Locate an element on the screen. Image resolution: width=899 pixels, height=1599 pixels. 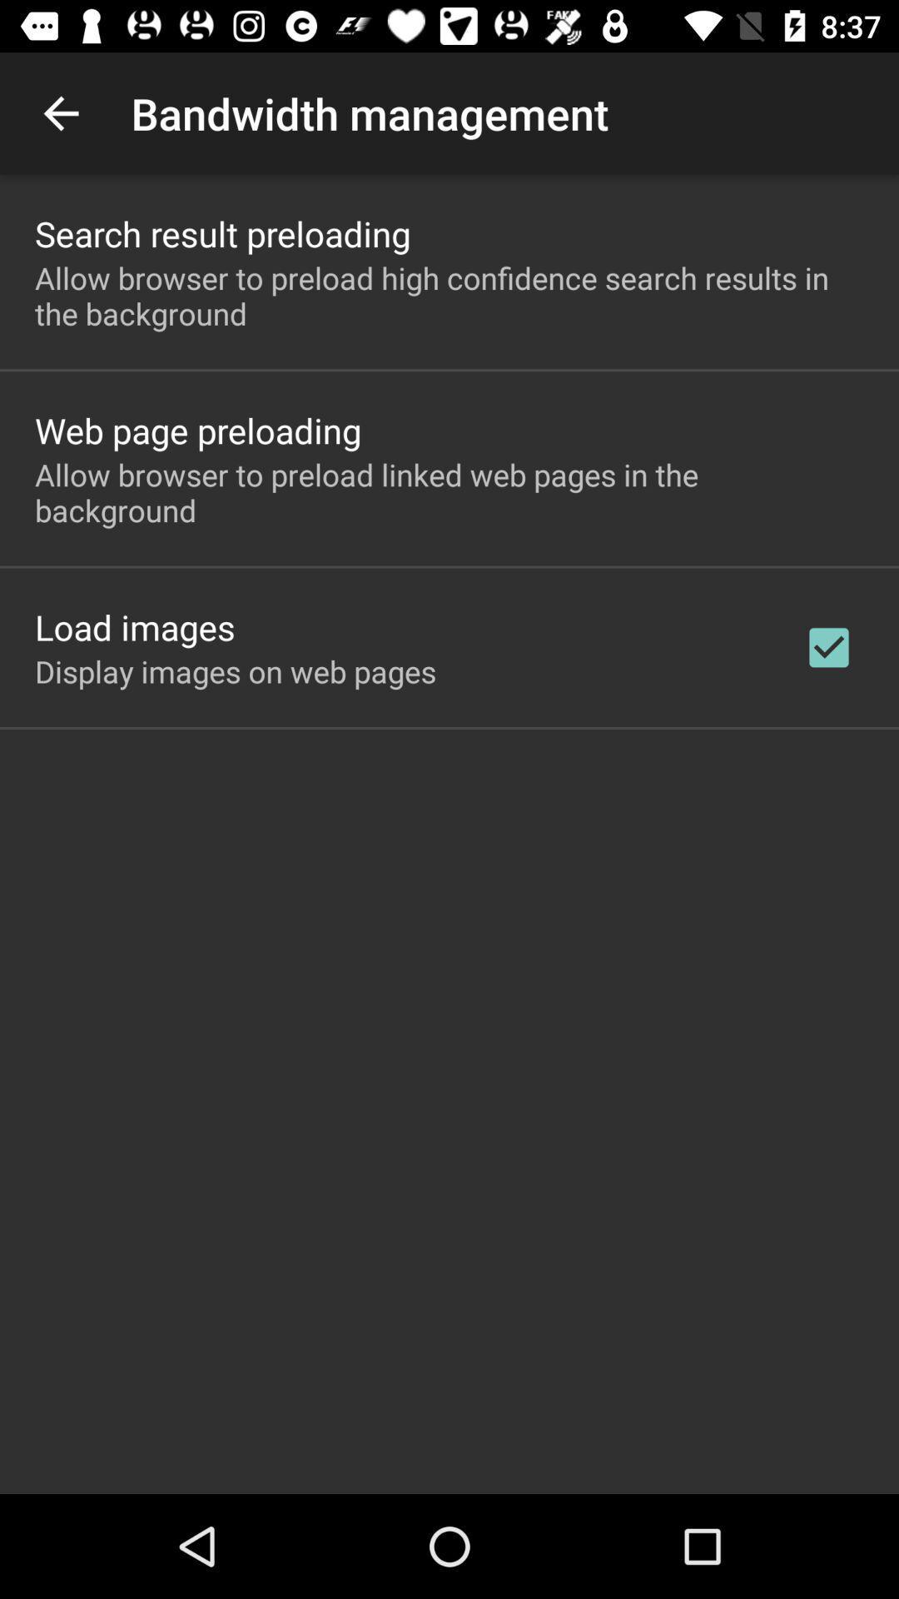
the web page preloading is located at coordinates (197, 430).